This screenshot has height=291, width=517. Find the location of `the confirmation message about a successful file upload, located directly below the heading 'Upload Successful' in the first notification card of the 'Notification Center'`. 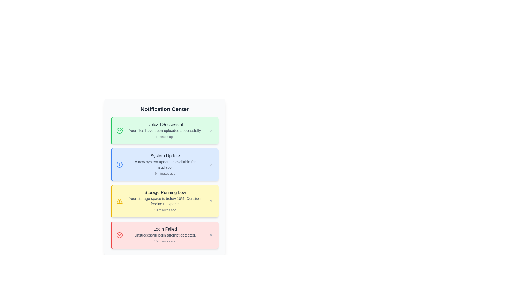

the confirmation message about a successful file upload, located directly below the heading 'Upload Successful' in the first notification card of the 'Notification Center' is located at coordinates (165, 131).